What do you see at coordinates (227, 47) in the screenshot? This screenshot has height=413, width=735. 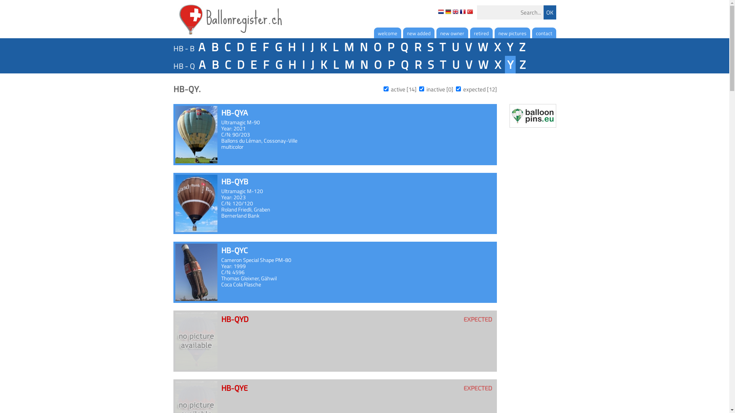 I see `'C'` at bounding box center [227, 47].